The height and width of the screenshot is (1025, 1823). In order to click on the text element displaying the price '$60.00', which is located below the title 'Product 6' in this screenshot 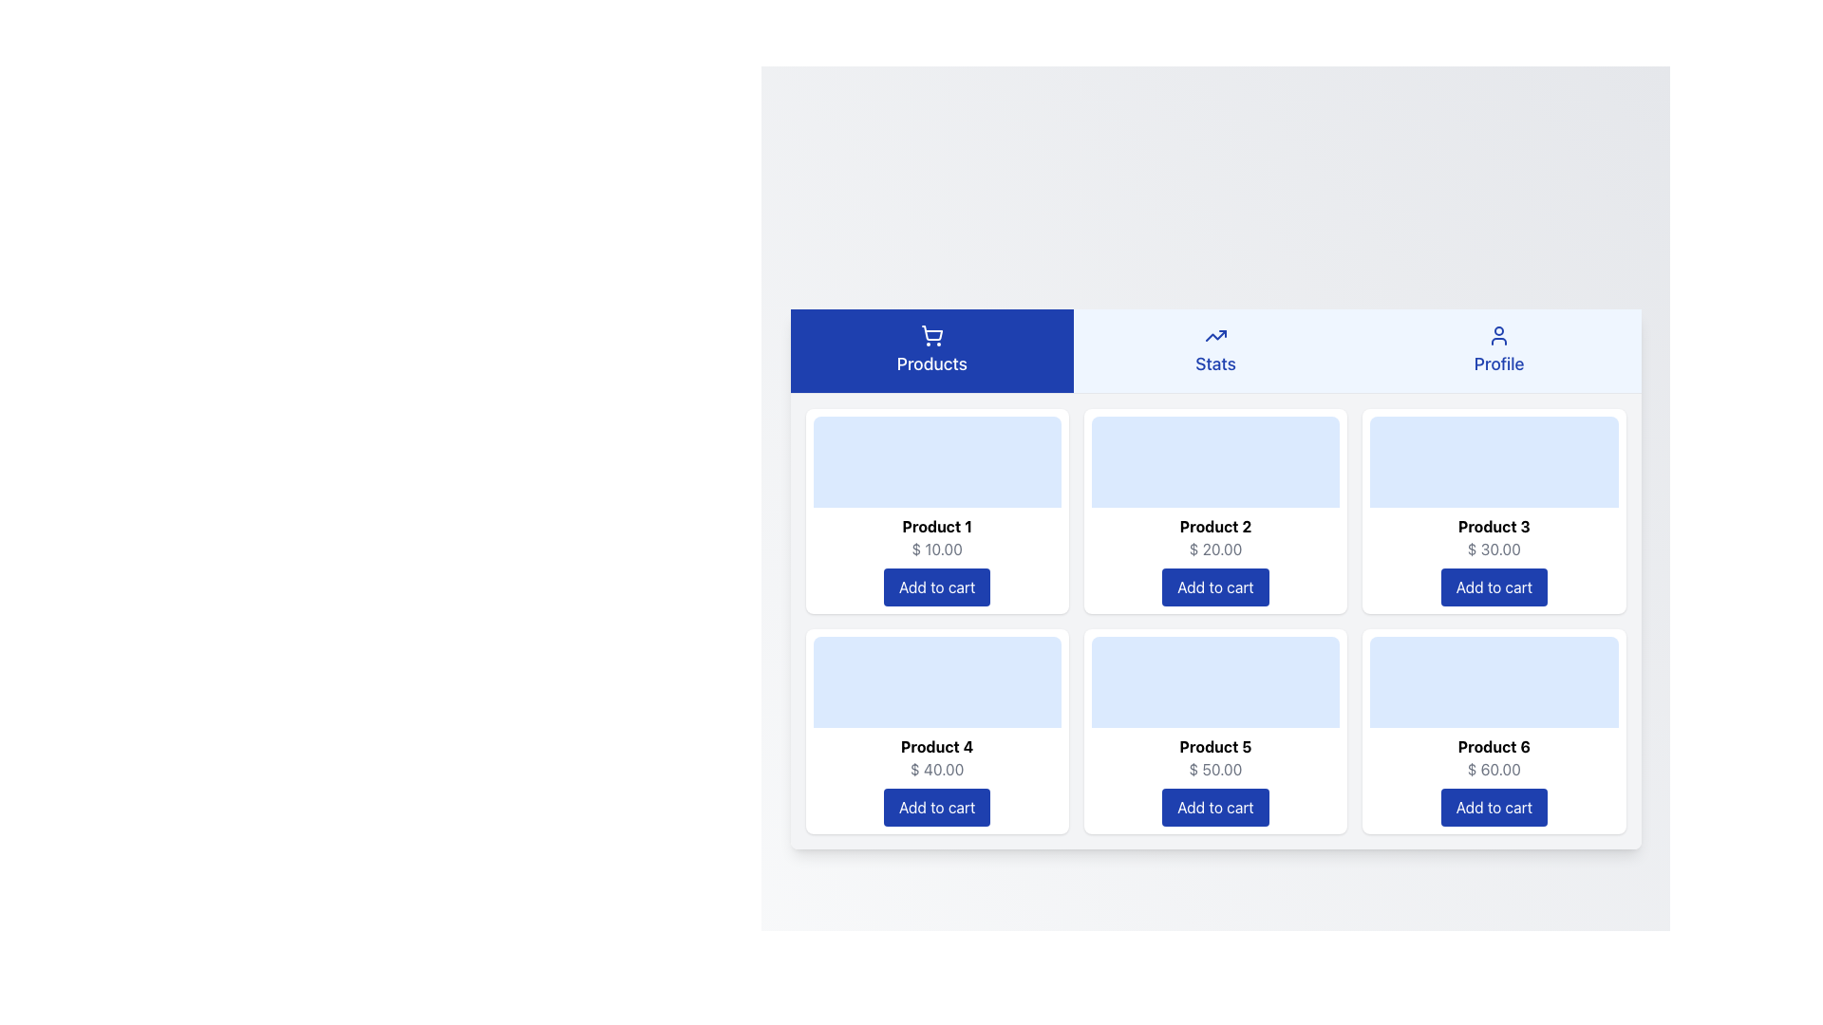, I will do `click(1493, 769)`.